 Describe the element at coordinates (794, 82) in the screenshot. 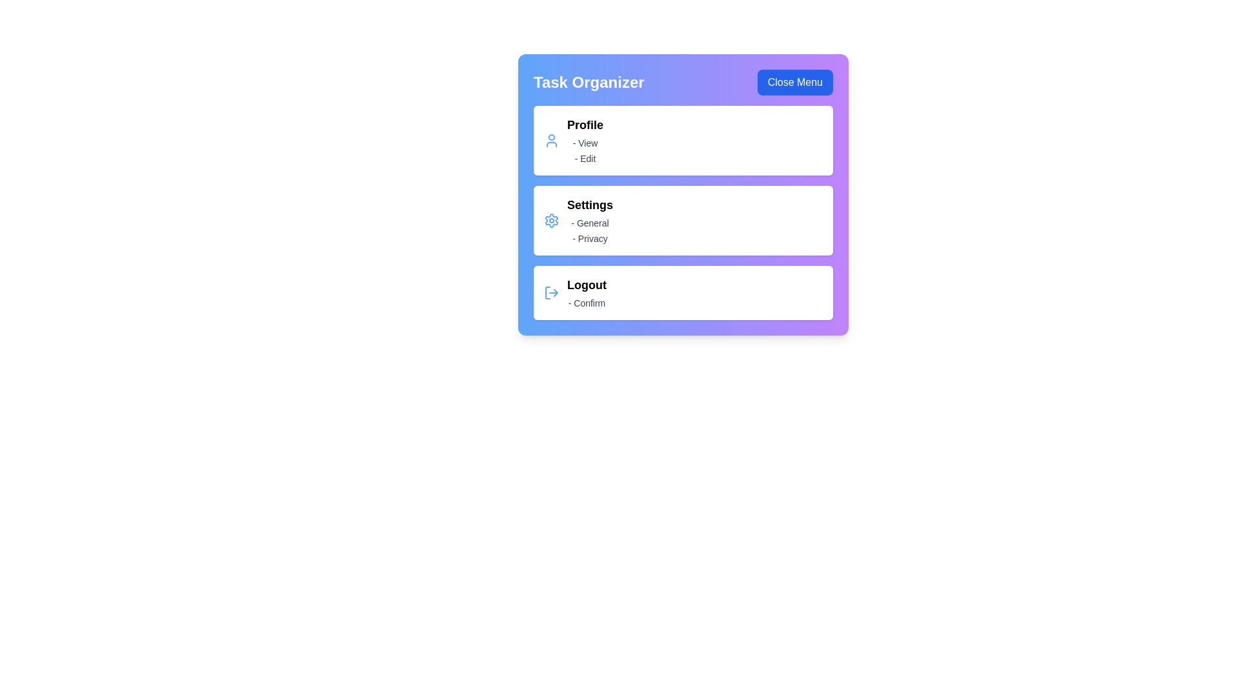

I see `the 'Close Menu' button to toggle the menu visibility` at that location.